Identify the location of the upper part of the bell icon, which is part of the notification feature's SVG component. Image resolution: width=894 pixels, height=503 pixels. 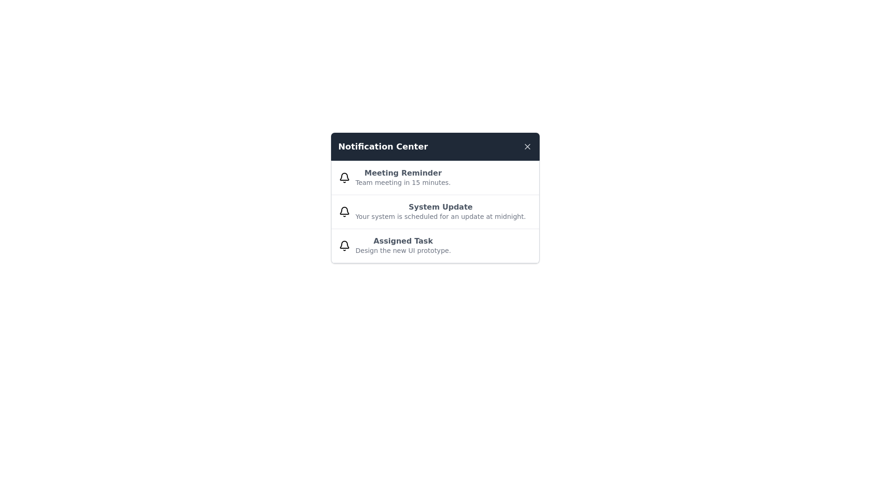
(344, 244).